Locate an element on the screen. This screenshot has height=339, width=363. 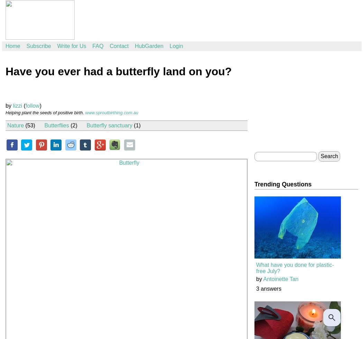
'Have you ever had a butterfly land on you?' is located at coordinates (118, 71).